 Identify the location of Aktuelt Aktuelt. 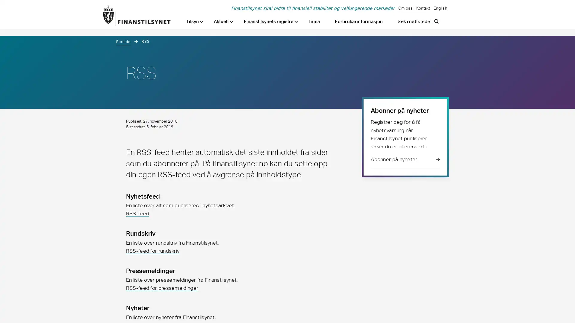
(223, 21).